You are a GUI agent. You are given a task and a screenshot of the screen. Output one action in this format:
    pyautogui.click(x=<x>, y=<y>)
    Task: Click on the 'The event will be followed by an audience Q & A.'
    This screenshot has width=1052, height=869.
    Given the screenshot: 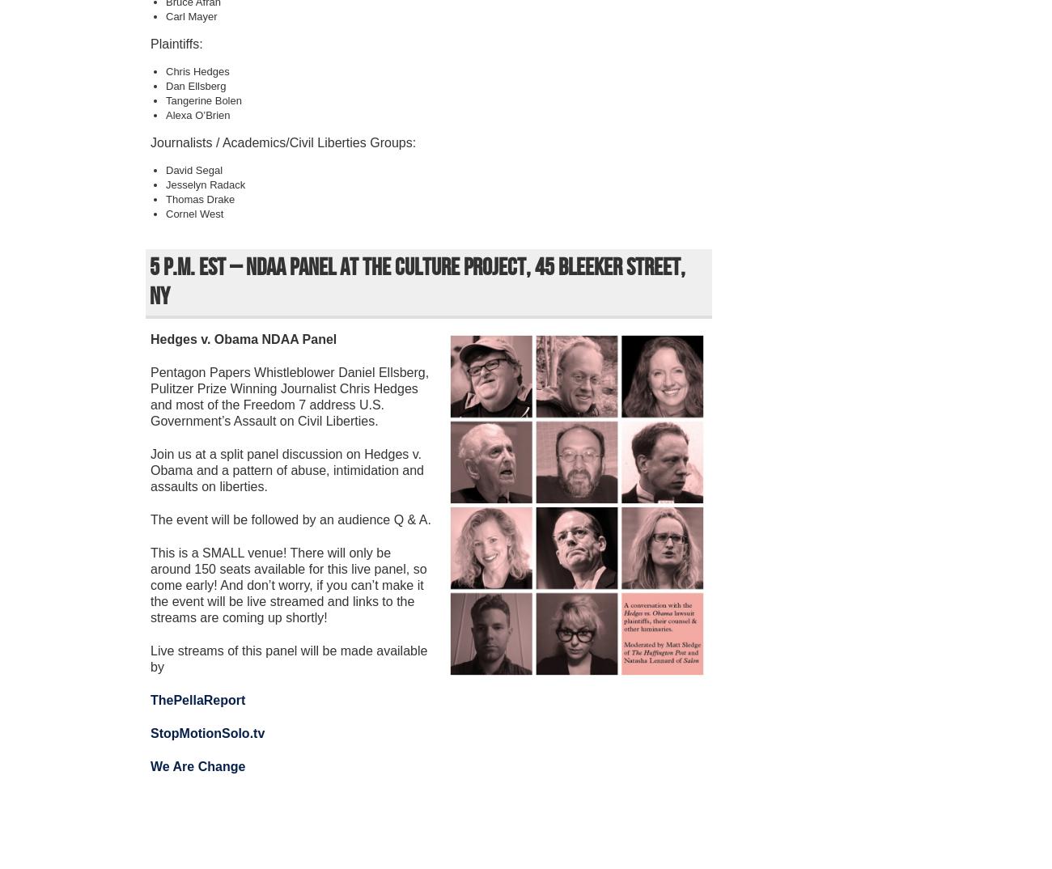 What is the action you would take?
    pyautogui.click(x=290, y=519)
    